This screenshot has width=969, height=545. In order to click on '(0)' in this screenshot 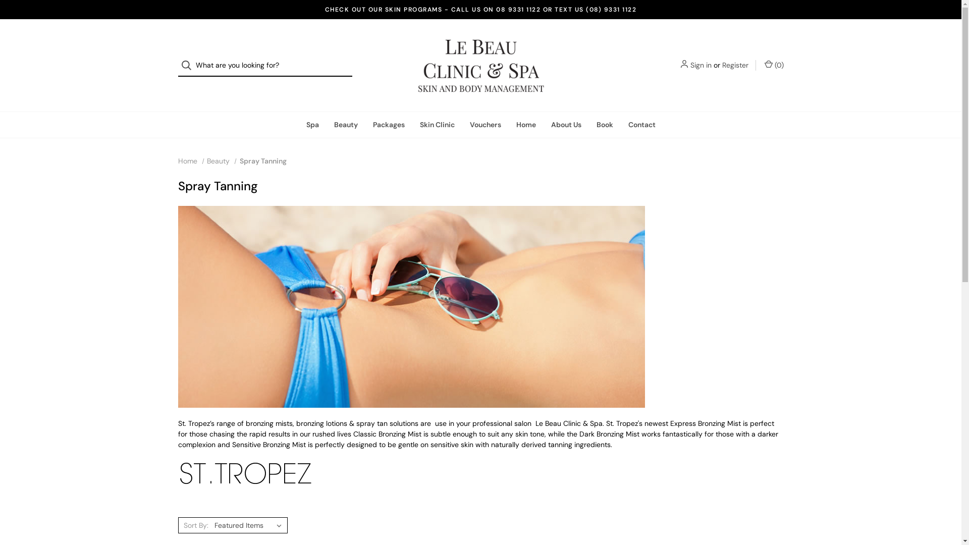, I will do `click(763, 65)`.